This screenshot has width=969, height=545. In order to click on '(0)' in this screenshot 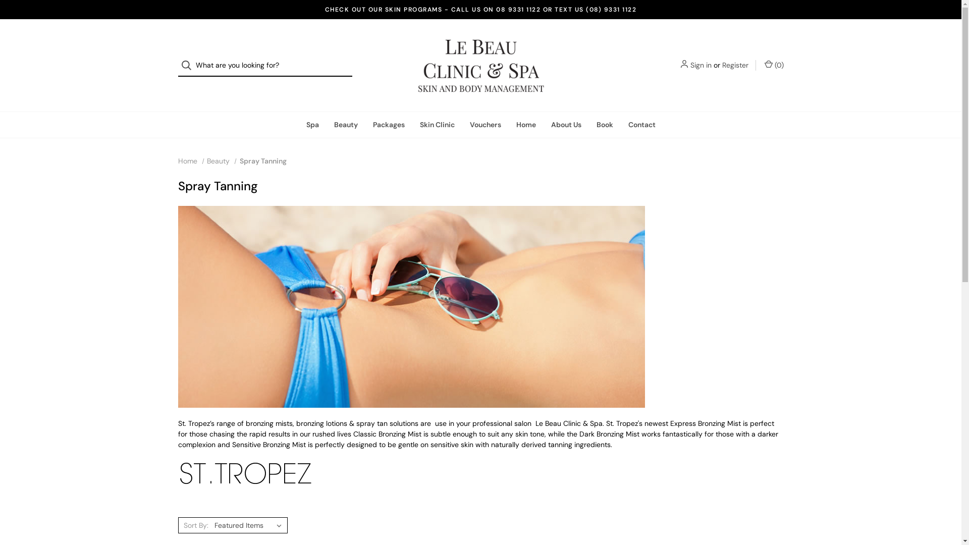, I will do `click(763, 65)`.